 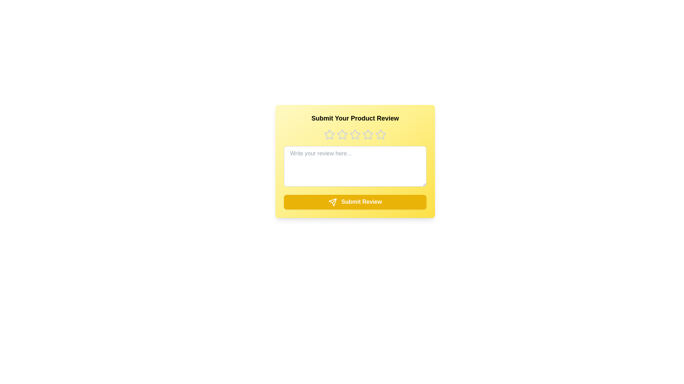 I want to click on the third star icon in the row of five rating stars, so click(x=342, y=134).